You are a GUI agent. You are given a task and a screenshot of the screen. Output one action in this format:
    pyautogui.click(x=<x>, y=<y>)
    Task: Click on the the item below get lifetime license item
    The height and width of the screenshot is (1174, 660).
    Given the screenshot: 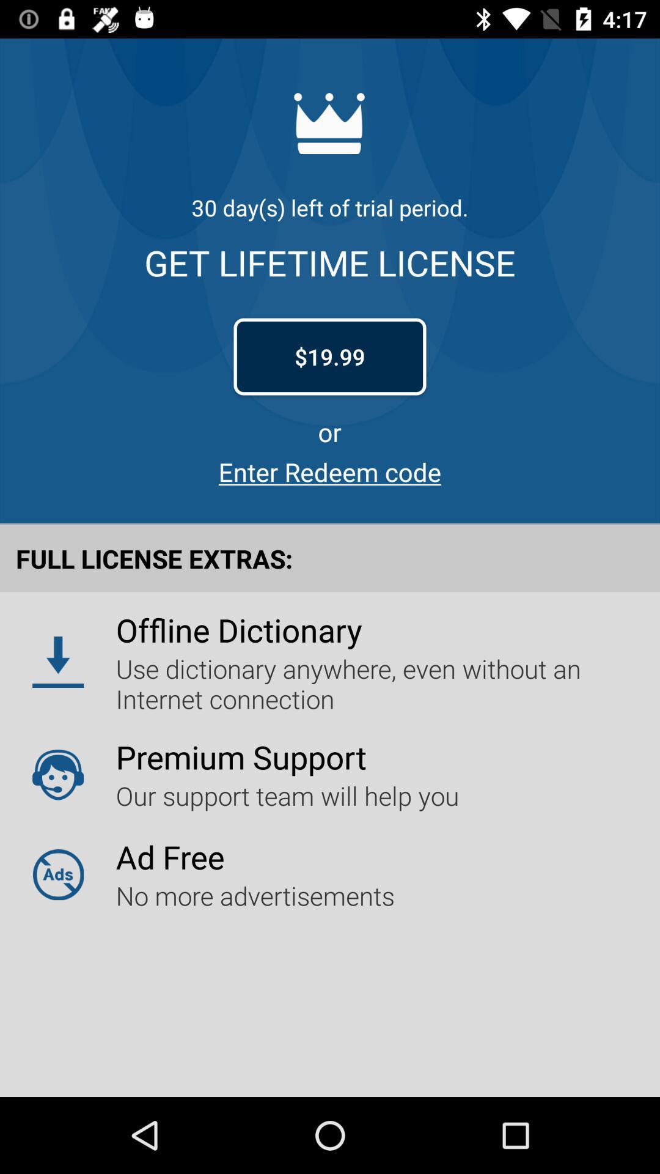 What is the action you would take?
    pyautogui.click(x=330, y=356)
    